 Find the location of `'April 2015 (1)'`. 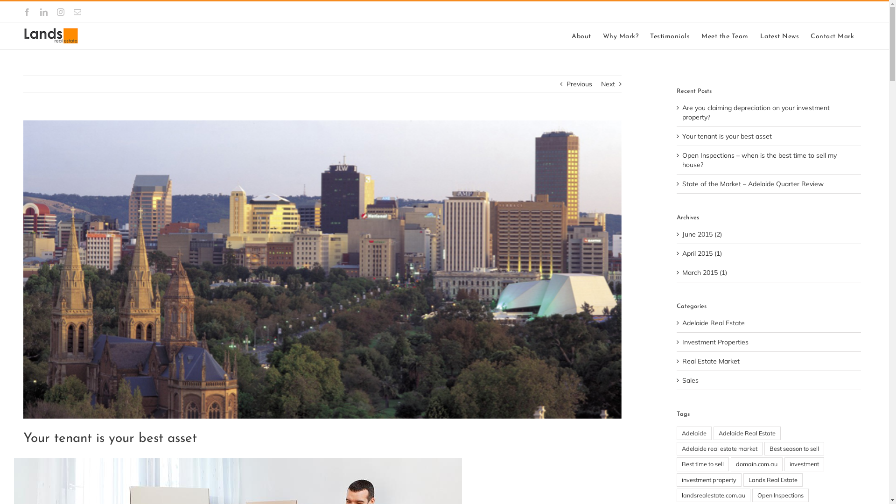

'April 2015 (1)' is located at coordinates (702, 253).